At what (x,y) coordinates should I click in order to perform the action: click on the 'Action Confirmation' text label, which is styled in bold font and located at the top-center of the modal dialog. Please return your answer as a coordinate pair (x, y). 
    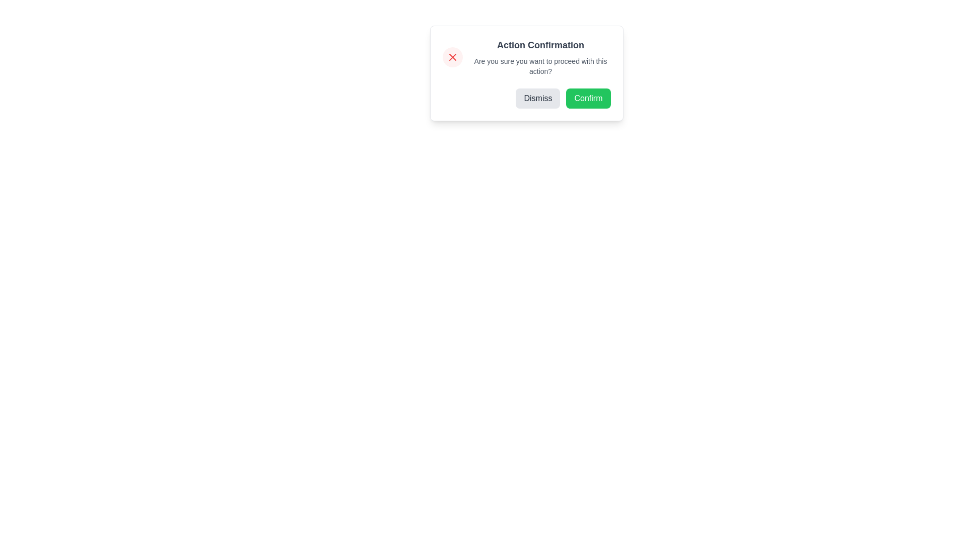
    Looking at the image, I should click on (540, 44).